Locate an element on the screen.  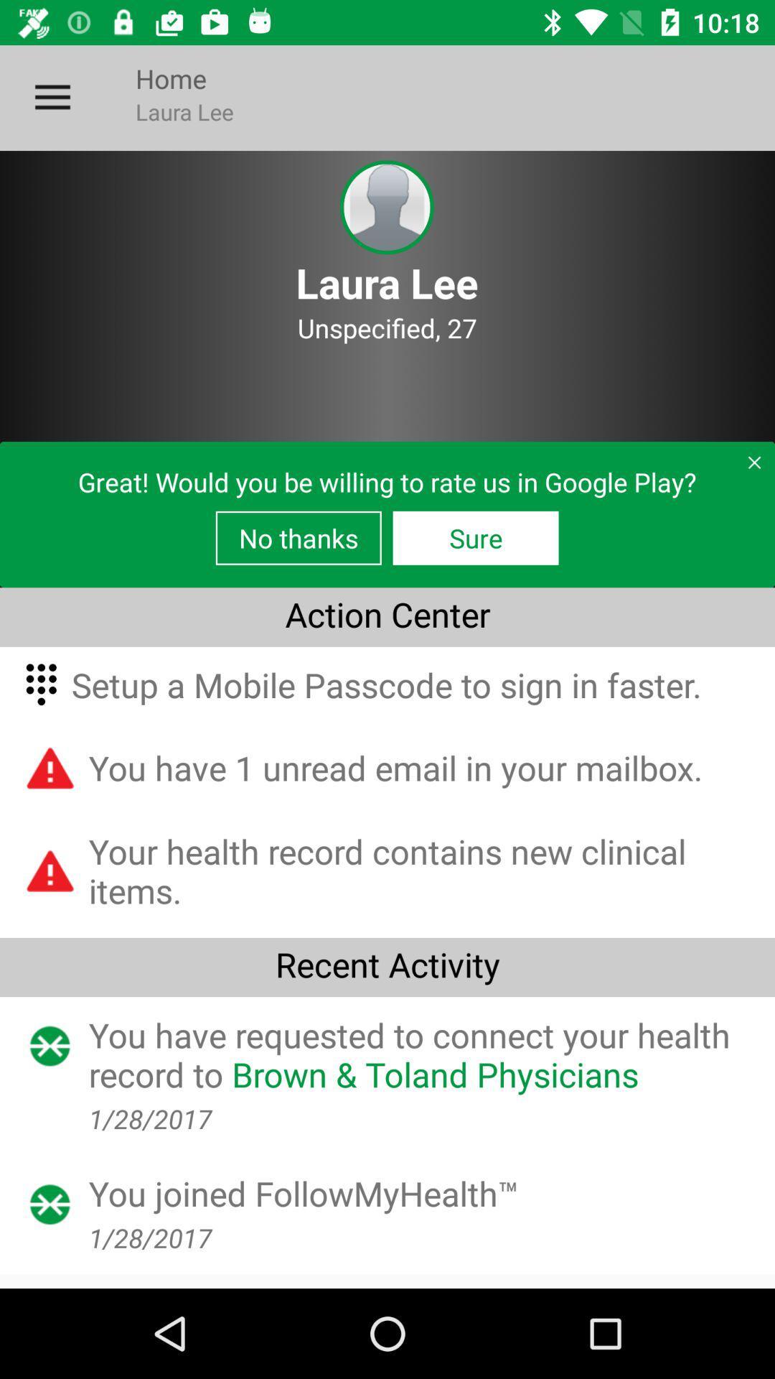
the close icon is located at coordinates (748, 468).